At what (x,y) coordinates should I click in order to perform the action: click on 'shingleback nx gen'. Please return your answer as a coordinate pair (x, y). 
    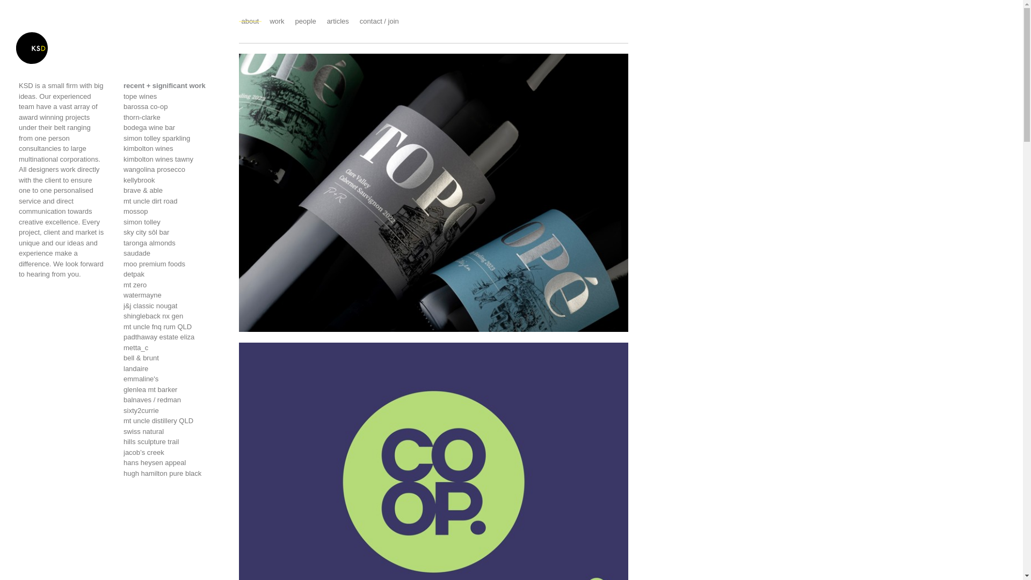
    Looking at the image, I should click on (172, 316).